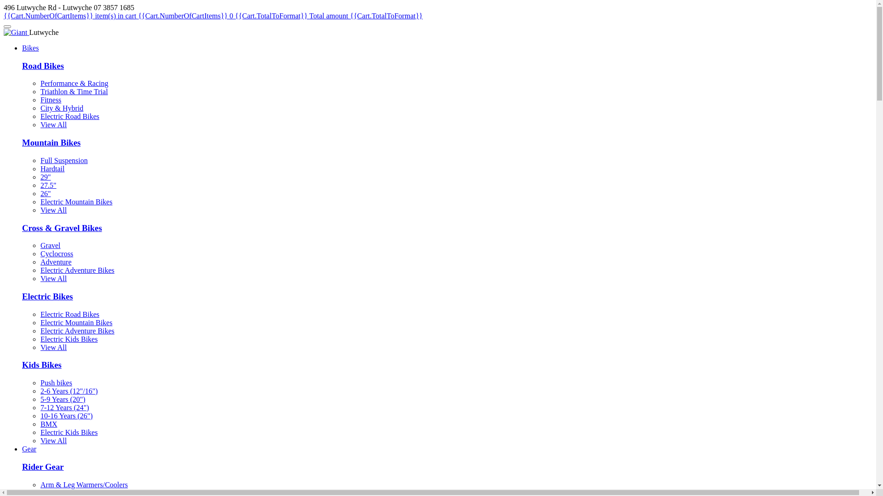  What do you see at coordinates (30, 48) in the screenshot?
I see `'Bikes'` at bounding box center [30, 48].